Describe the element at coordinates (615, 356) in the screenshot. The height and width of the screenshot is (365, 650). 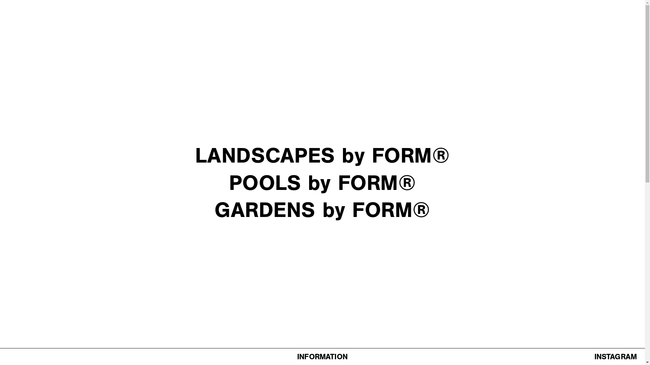
I see `'INSTAGRAM'` at that location.